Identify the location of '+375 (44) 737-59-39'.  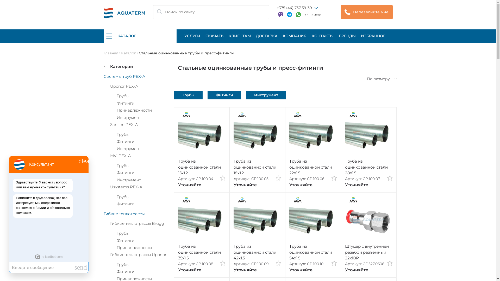
(294, 8).